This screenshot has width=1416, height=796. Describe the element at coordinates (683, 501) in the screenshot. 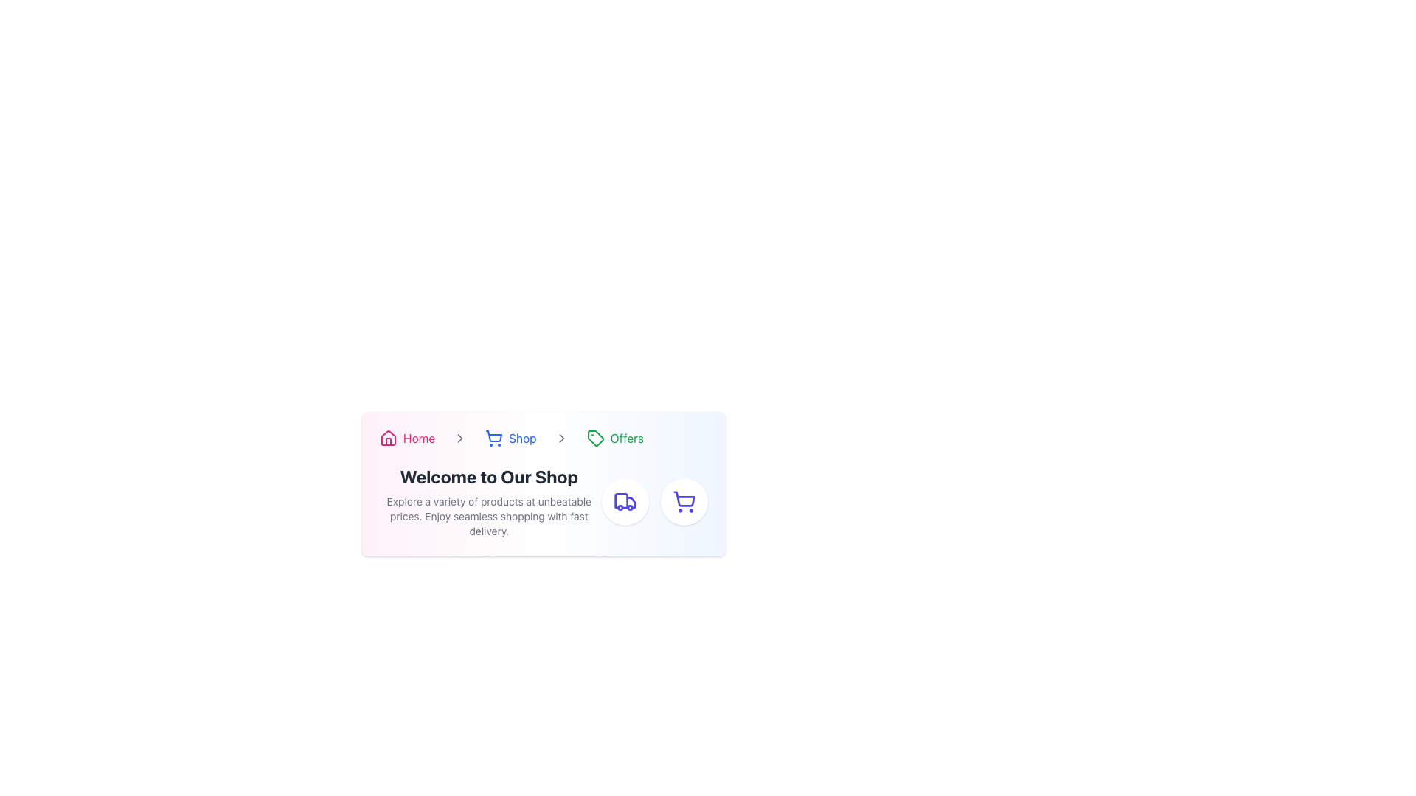

I see `the circular button with a white background and shopping cart icon` at that location.